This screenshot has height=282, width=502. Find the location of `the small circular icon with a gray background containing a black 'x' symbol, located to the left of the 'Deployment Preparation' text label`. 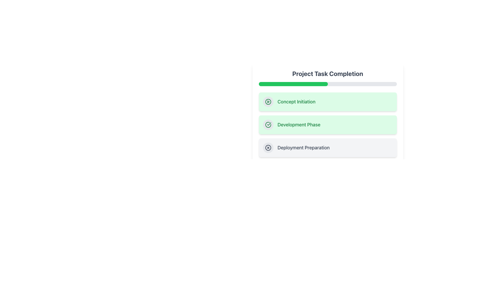

the small circular icon with a gray background containing a black 'x' symbol, located to the left of the 'Deployment Preparation' text label is located at coordinates (268, 148).